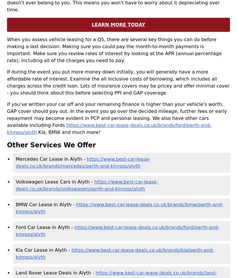 This screenshot has height=278, width=237. I want to click on 'BMW Car Lease in Alyth -', so click(46, 204).